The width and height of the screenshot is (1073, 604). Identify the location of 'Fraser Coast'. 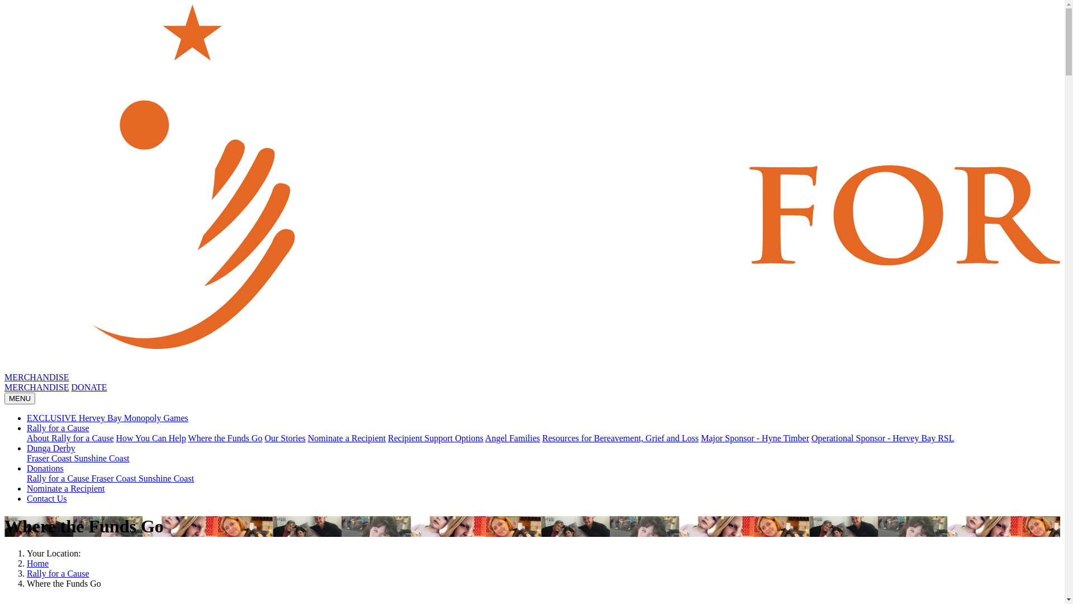
(50, 458).